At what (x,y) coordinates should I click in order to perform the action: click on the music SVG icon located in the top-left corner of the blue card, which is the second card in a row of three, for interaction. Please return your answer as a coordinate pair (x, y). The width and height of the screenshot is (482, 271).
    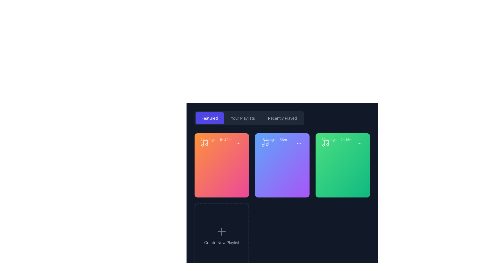
    Looking at the image, I should click on (265, 143).